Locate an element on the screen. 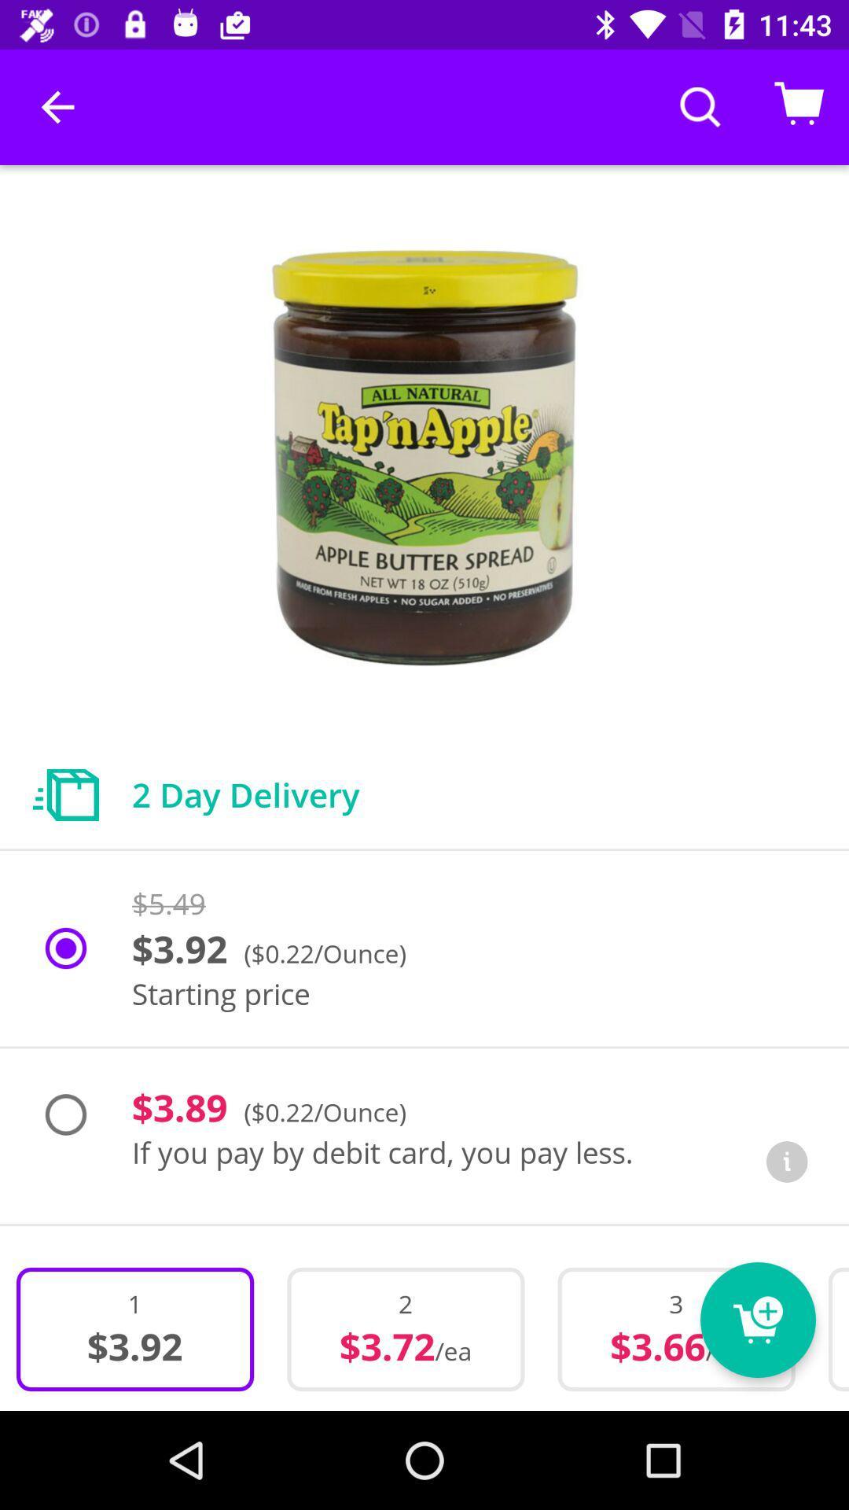 The height and width of the screenshot is (1510, 849). the cart icon is located at coordinates (757, 1320).